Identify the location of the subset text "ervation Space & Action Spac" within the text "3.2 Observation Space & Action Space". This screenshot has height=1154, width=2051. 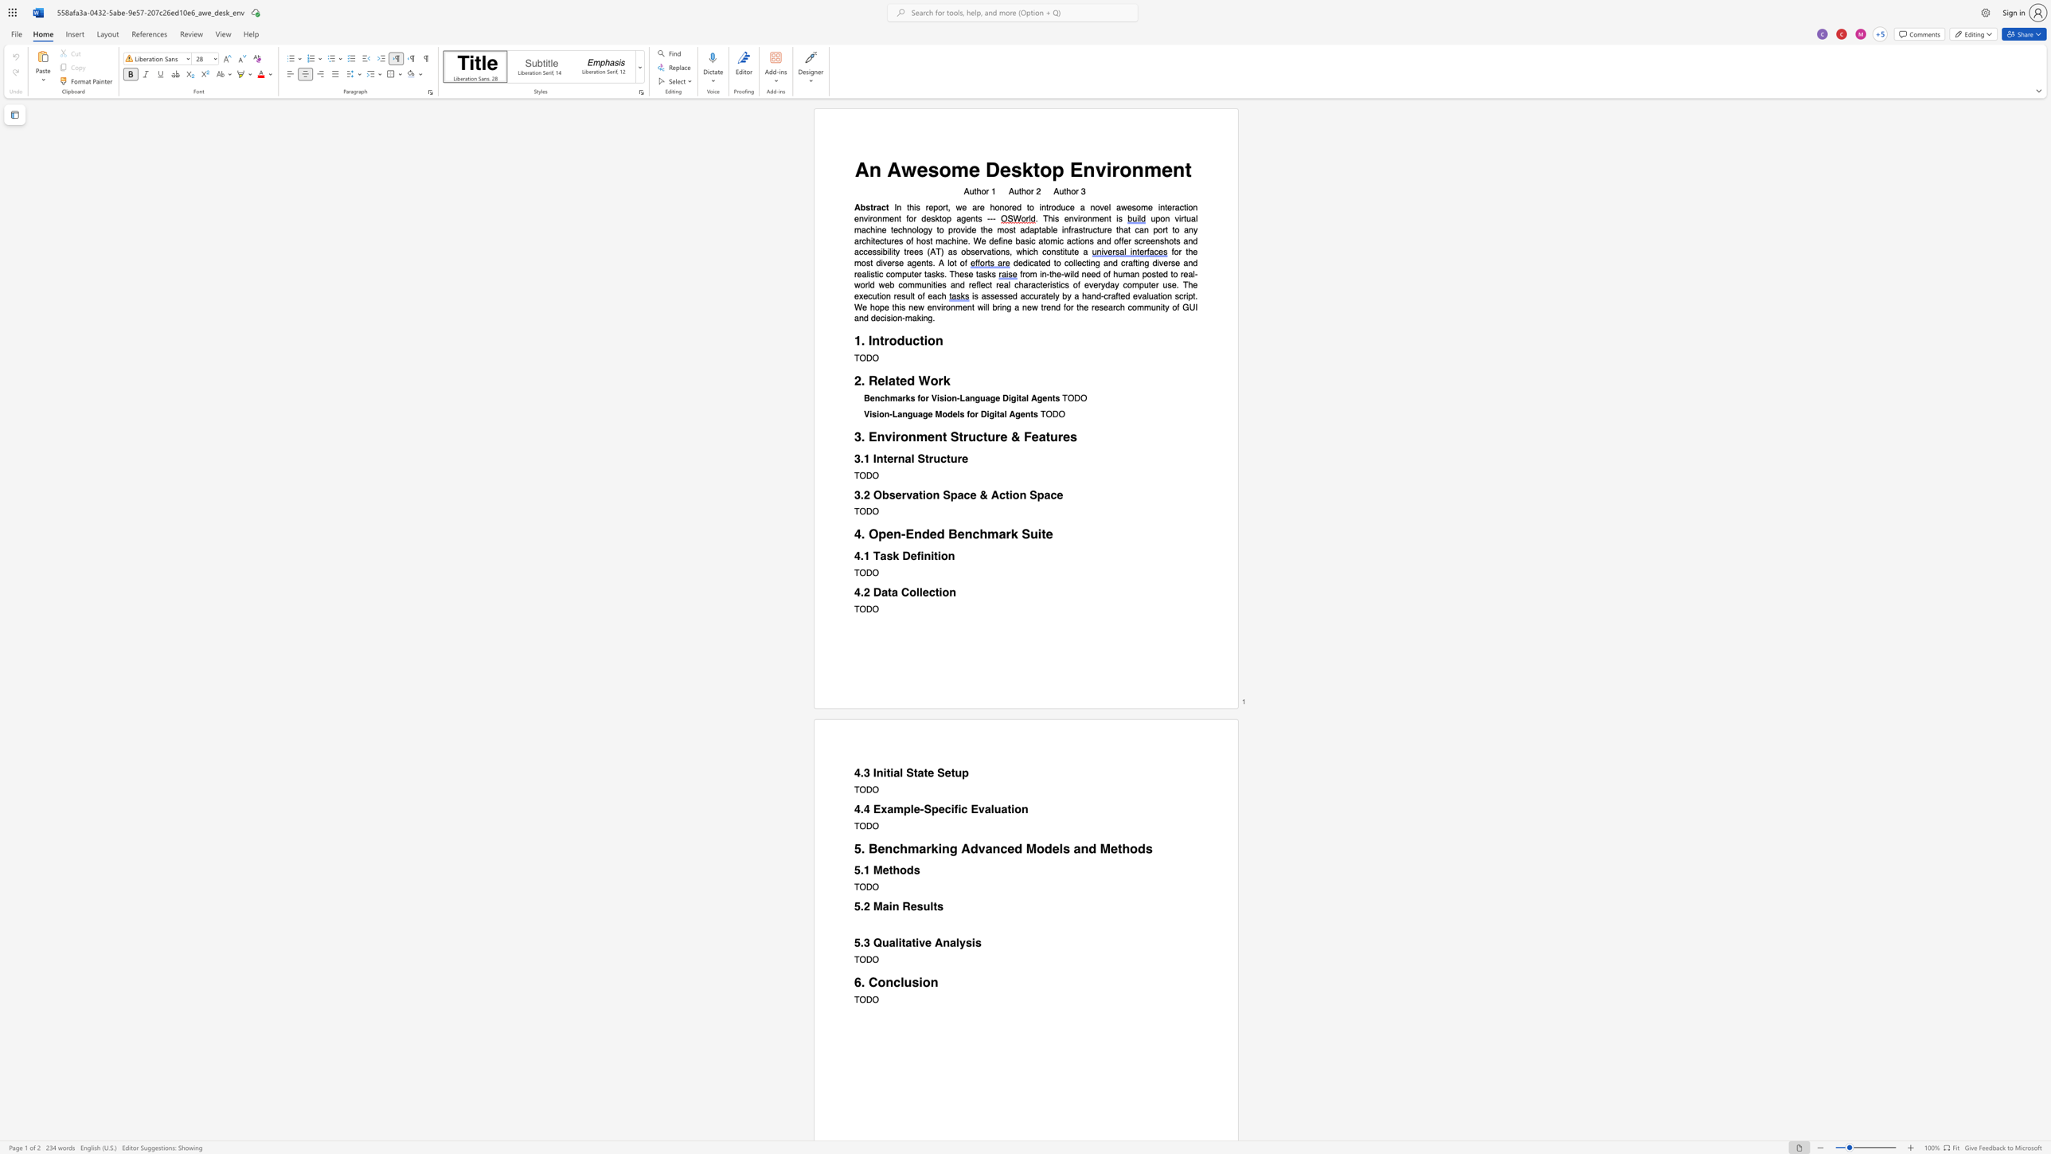
(895, 495).